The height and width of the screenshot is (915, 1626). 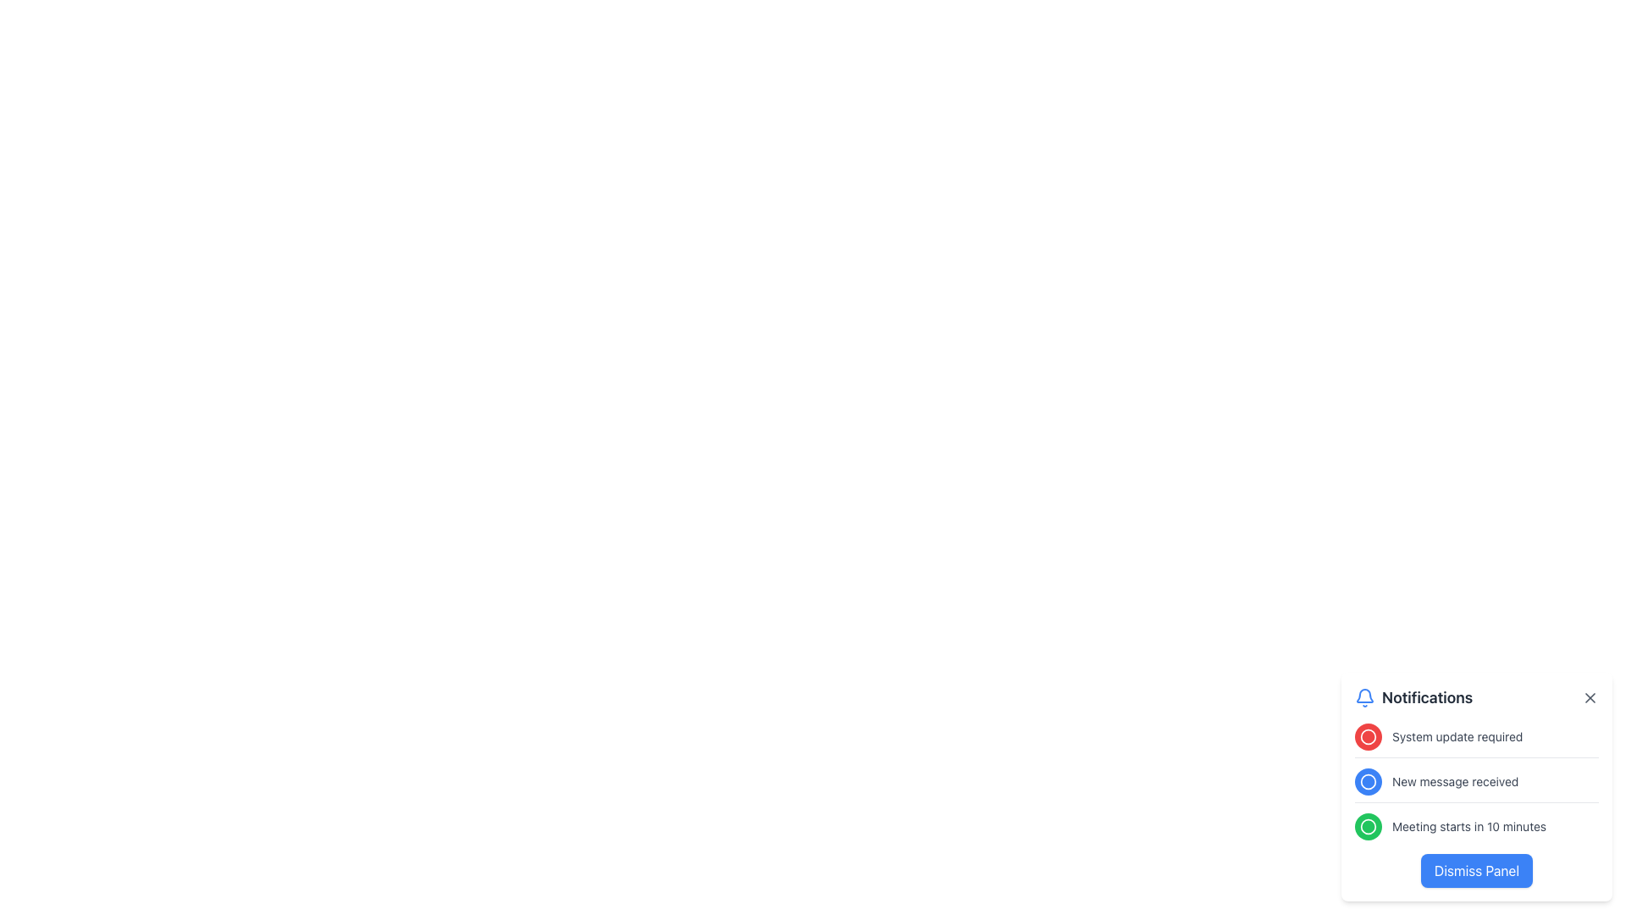 What do you see at coordinates (1369, 825) in the screenshot?
I see `the Status icon` at bounding box center [1369, 825].